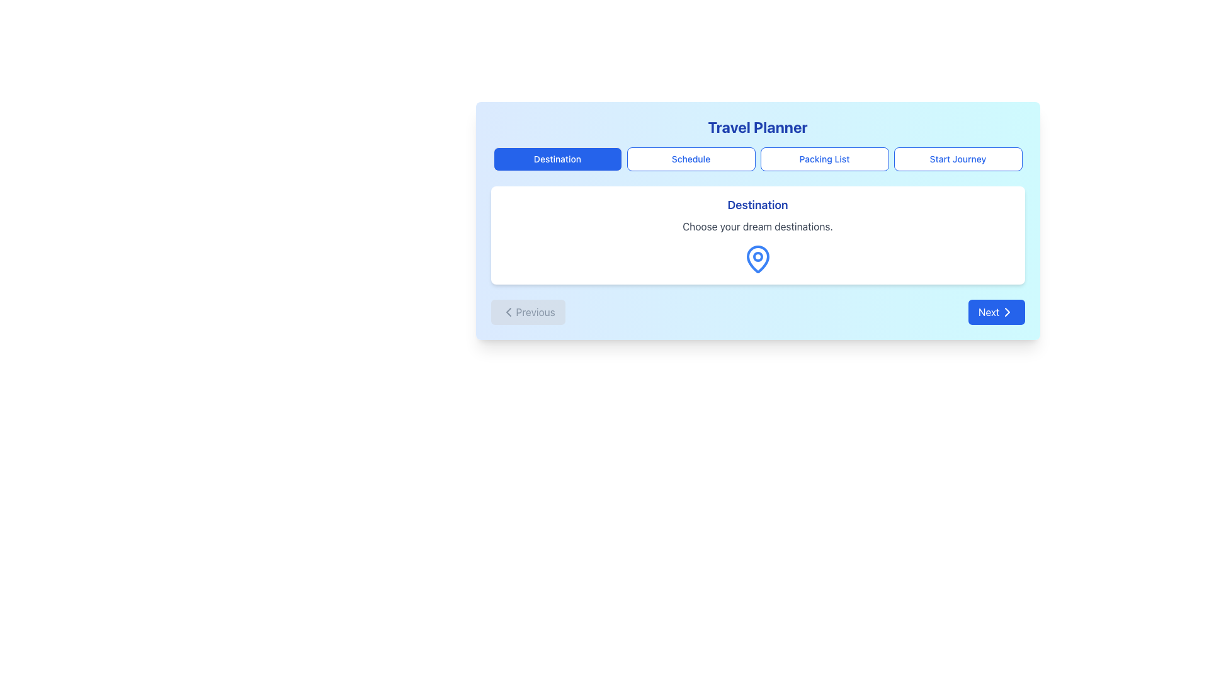 This screenshot has height=680, width=1209. Describe the element at coordinates (757, 127) in the screenshot. I see `the 'Travel Planner' text element, which is displayed in bold, large blue font, and is centered at the top of a card-like section` at that location.